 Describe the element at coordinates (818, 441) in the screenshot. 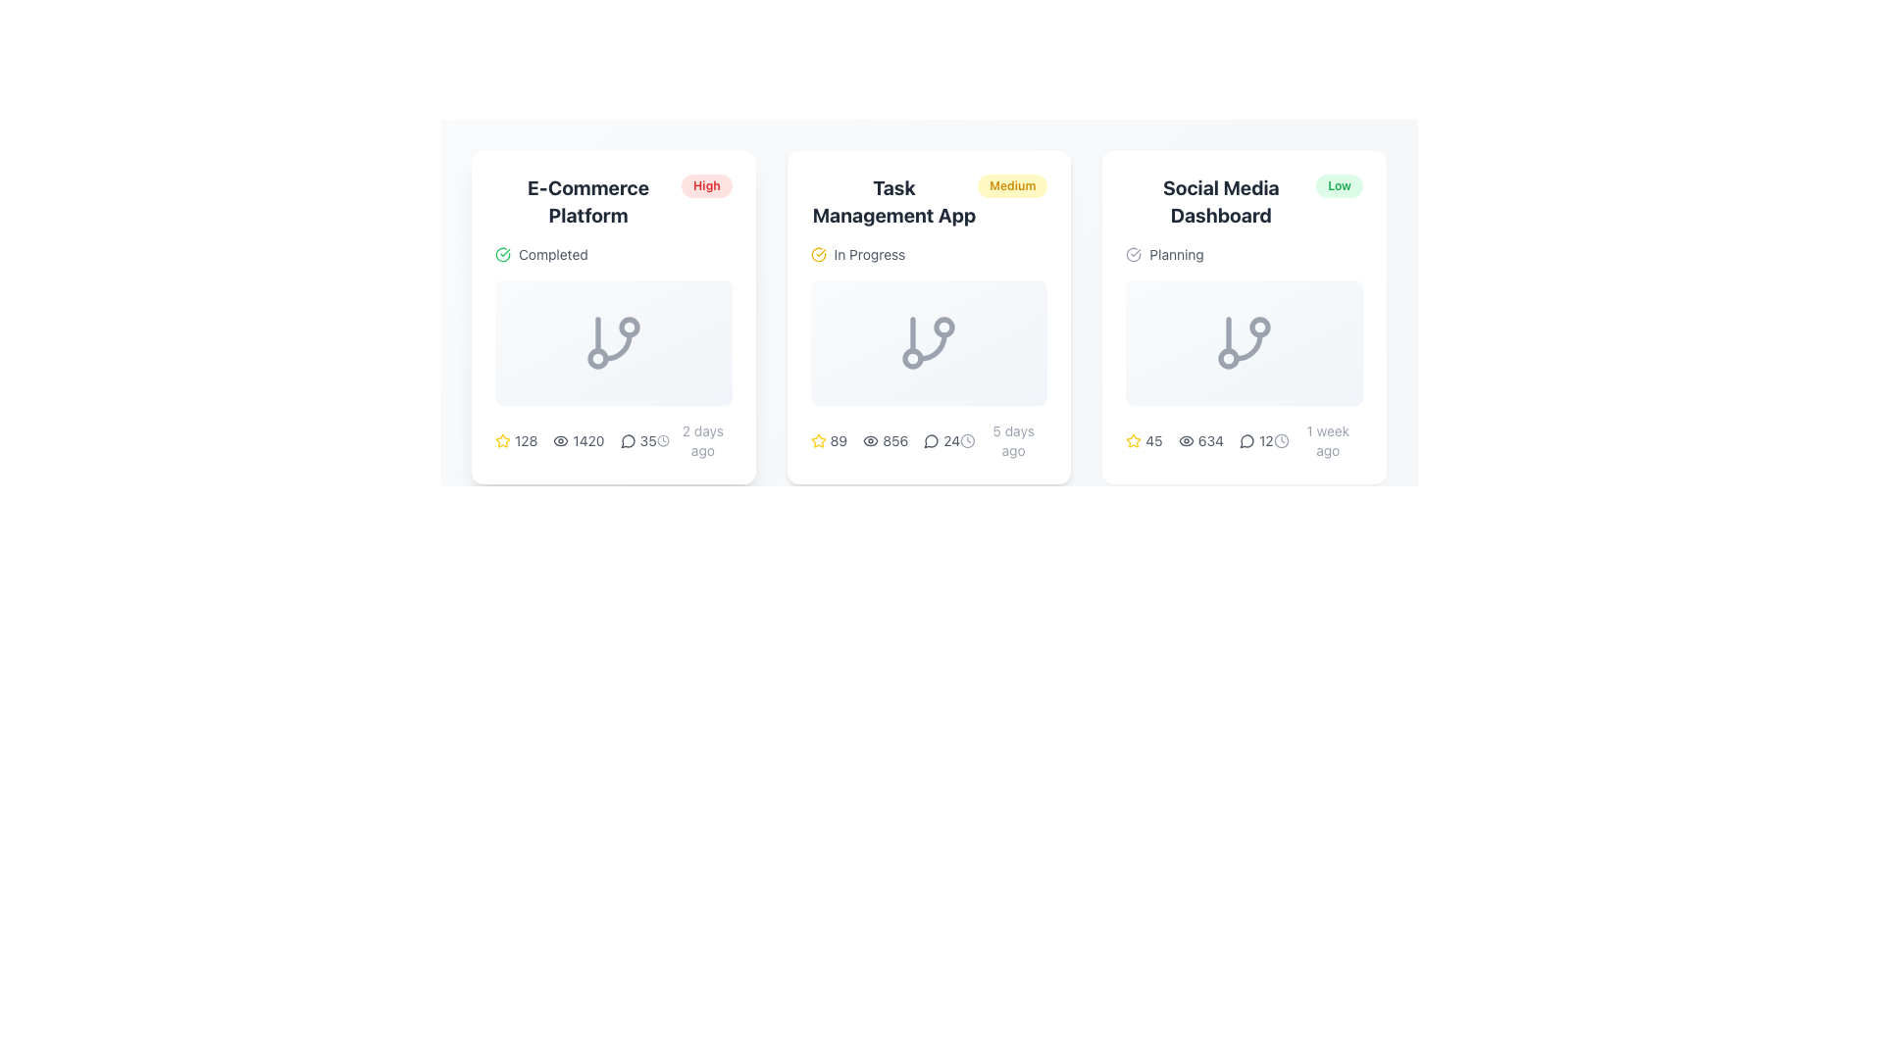

I see `the star icon located to the left of the text '89' in the 'Task Management App' card to interact with it` at that location.